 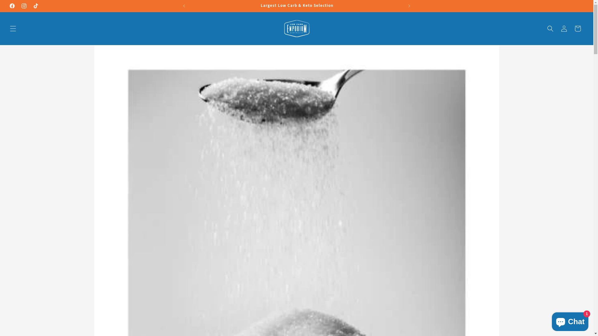 What do you see at coordinates (570, 320) in the screenshot?
I see `'Shopify online store chat'` at bounding box center [570, 320].